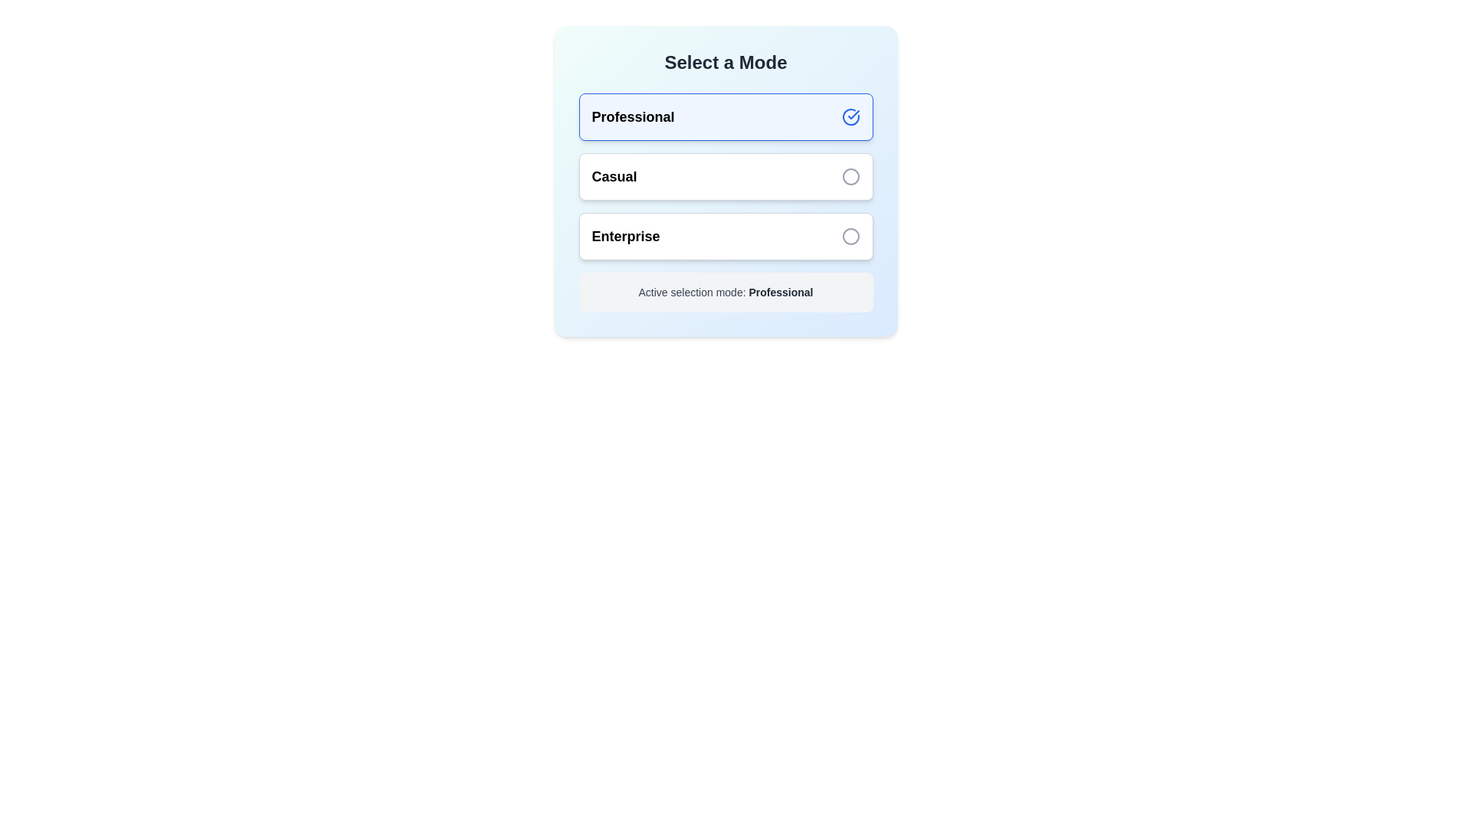 This screenshot has width=1471, height=827. Describe the element at coordinates (850, 176) in the screenshot. I see `the gray hollow circle SVG icon located within the 'Casual' mode selection button, which is the second item in the selection group` at that location.